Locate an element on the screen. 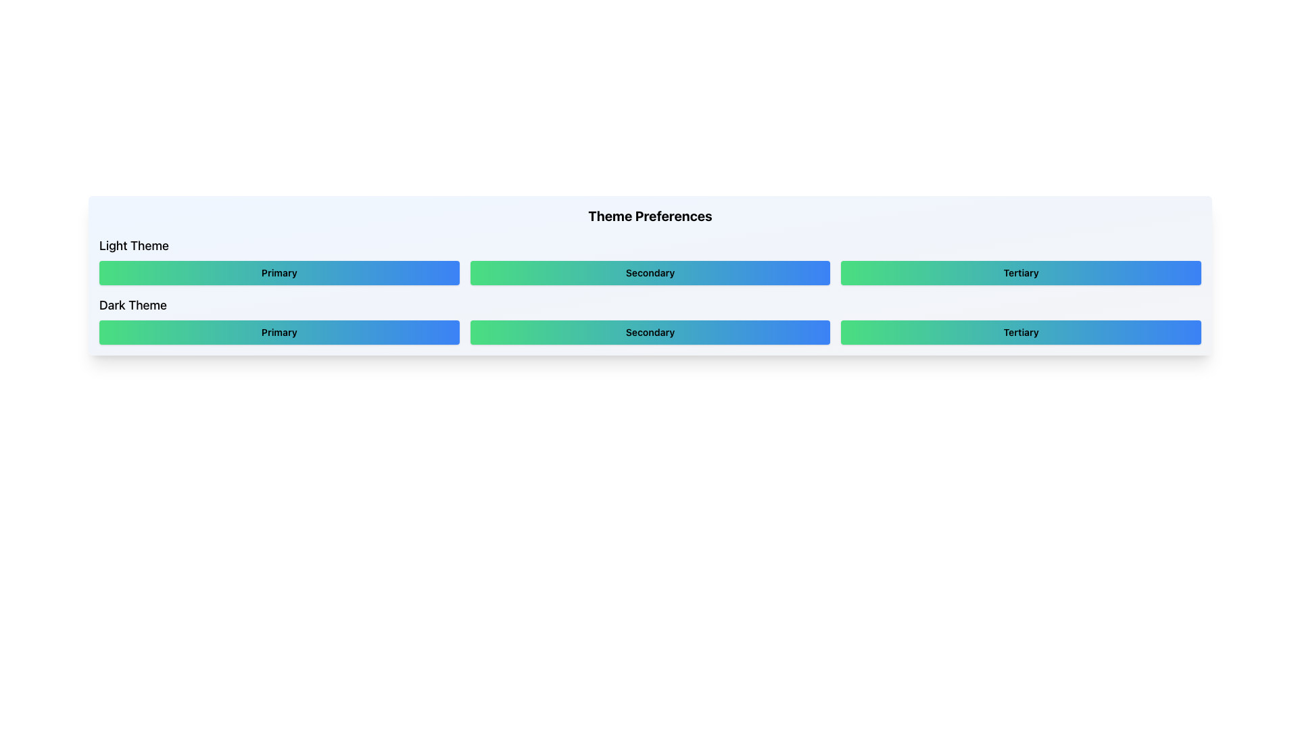  the 'Secondary' button, which is a rectangular button with a gradient green-to-blue background is located at coordinates (650, 333).